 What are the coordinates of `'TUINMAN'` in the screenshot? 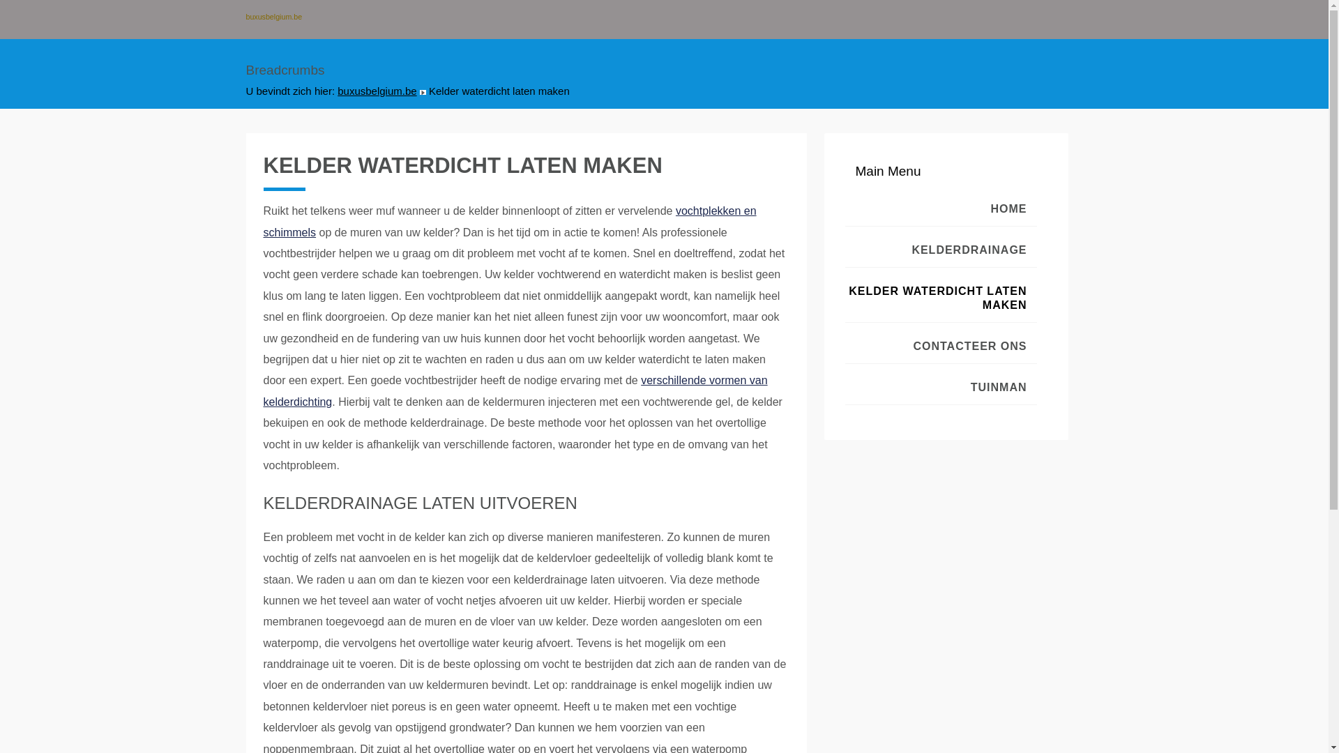 It's located at (941, 388).